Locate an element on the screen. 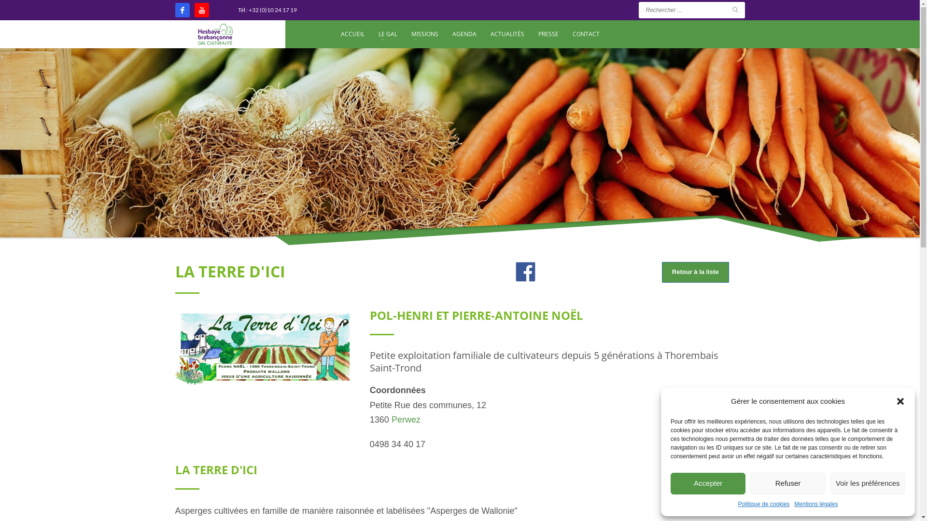  'AGENDA' is located at coordinates (446, 33).